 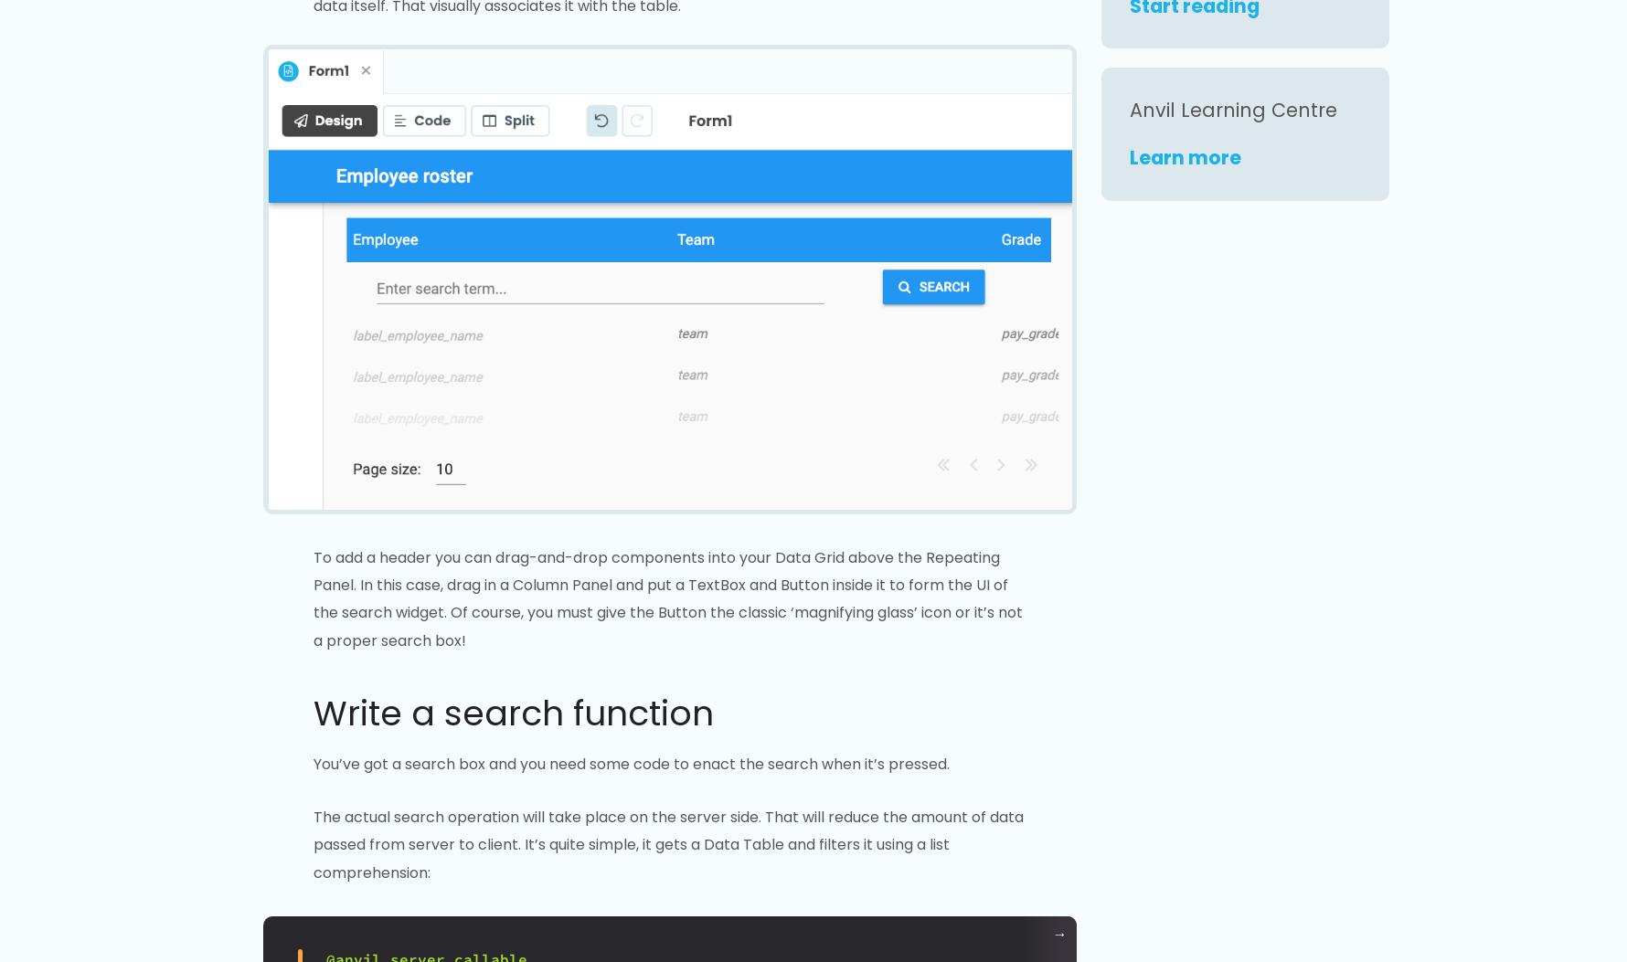 What do you see at coordinates (612, 346) in the screenshot?
I see `':'` at bounding box center [612, 346].